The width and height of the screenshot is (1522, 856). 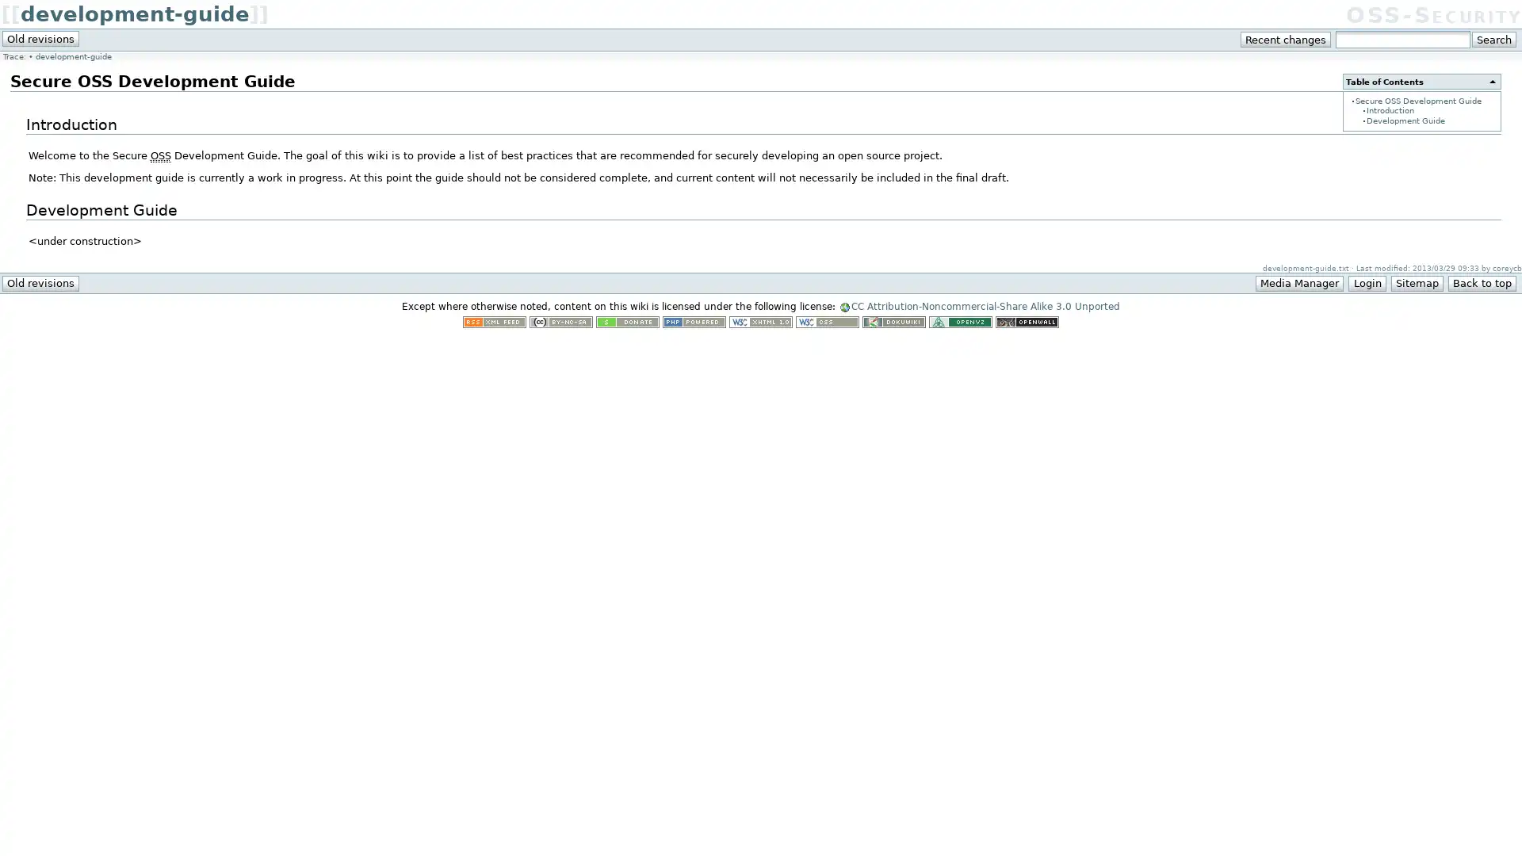 What do you see at coordinates (1366, 282) in the screenshot?
I see `Login` at bounding box center [1366, 282].